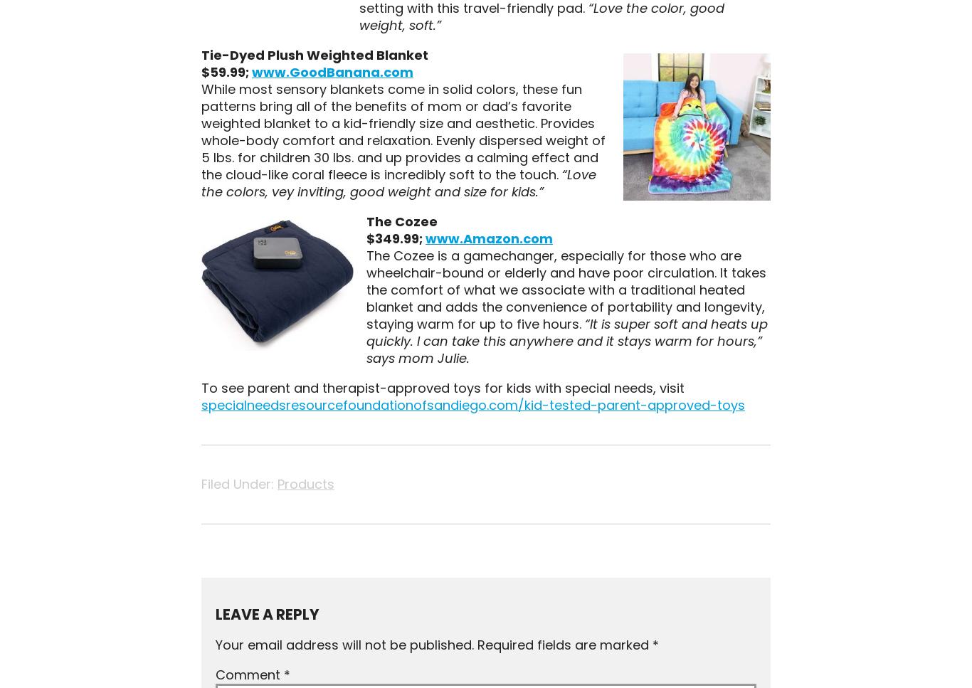 The width and height of the screenshot is (972, 688). I want to click on 'The Cozee', so click(401, 221).